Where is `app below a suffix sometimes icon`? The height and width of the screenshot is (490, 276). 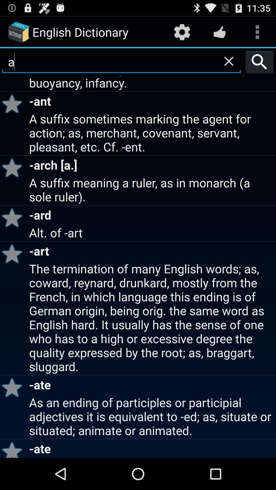 app below a suffix sometimes icon is located at coordinates (14, 168).